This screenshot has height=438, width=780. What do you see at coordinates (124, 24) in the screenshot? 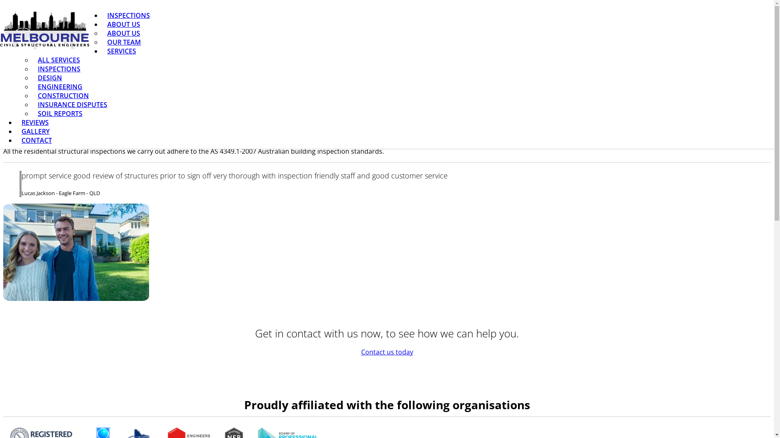
I see `'ABOUT US'` at bounding box center [124, 24].